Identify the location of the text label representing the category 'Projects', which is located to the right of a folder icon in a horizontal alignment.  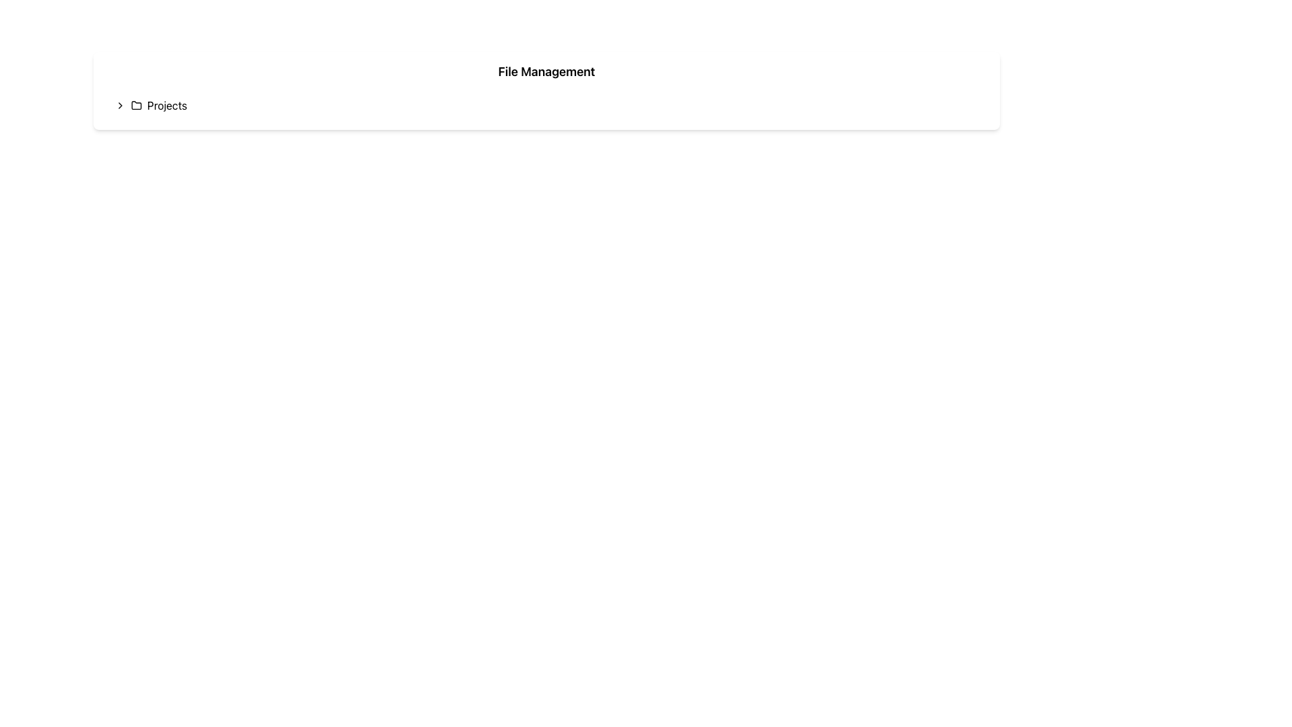
(166, 105).